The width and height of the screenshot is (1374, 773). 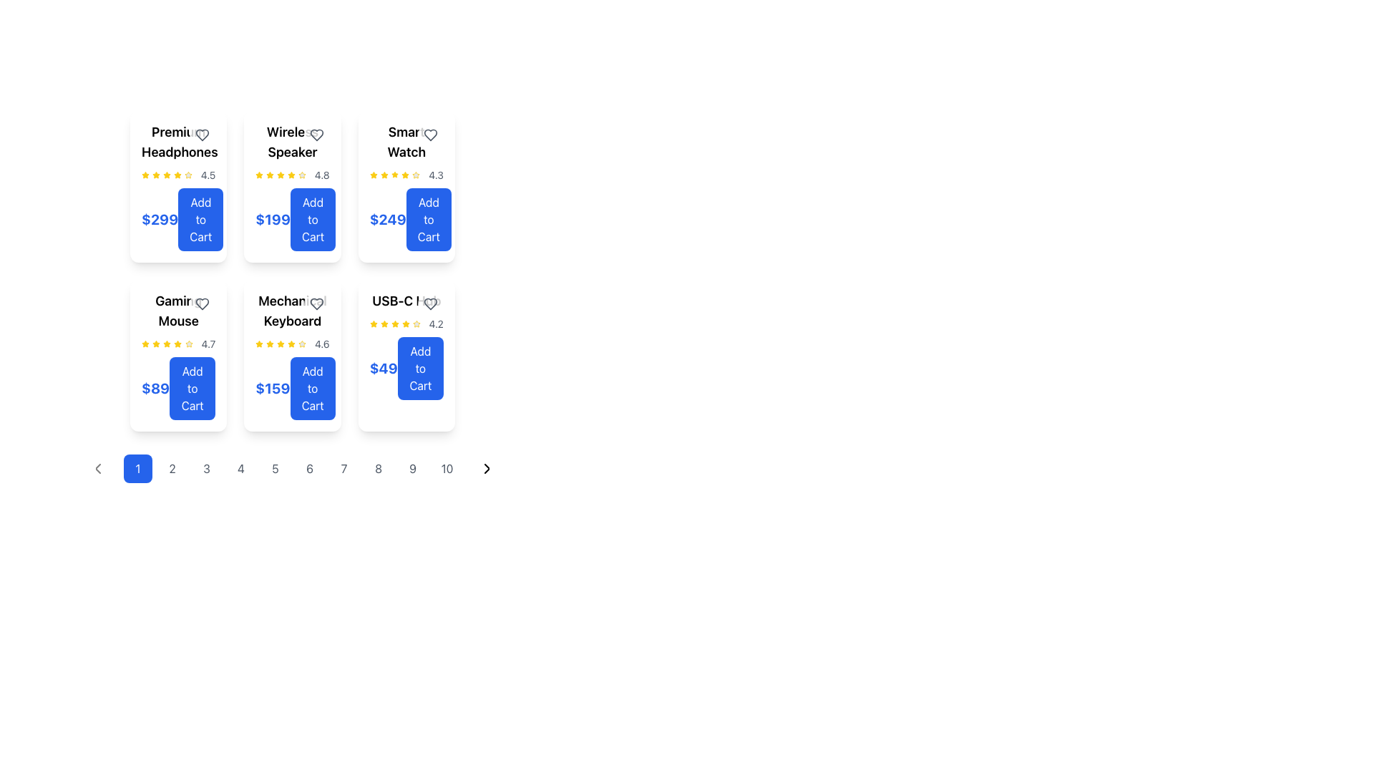 I want to click on the third rating star icon representing an active state in the rating scale for the 'Wireless Speaker' product card, so click(x=270, y=175).